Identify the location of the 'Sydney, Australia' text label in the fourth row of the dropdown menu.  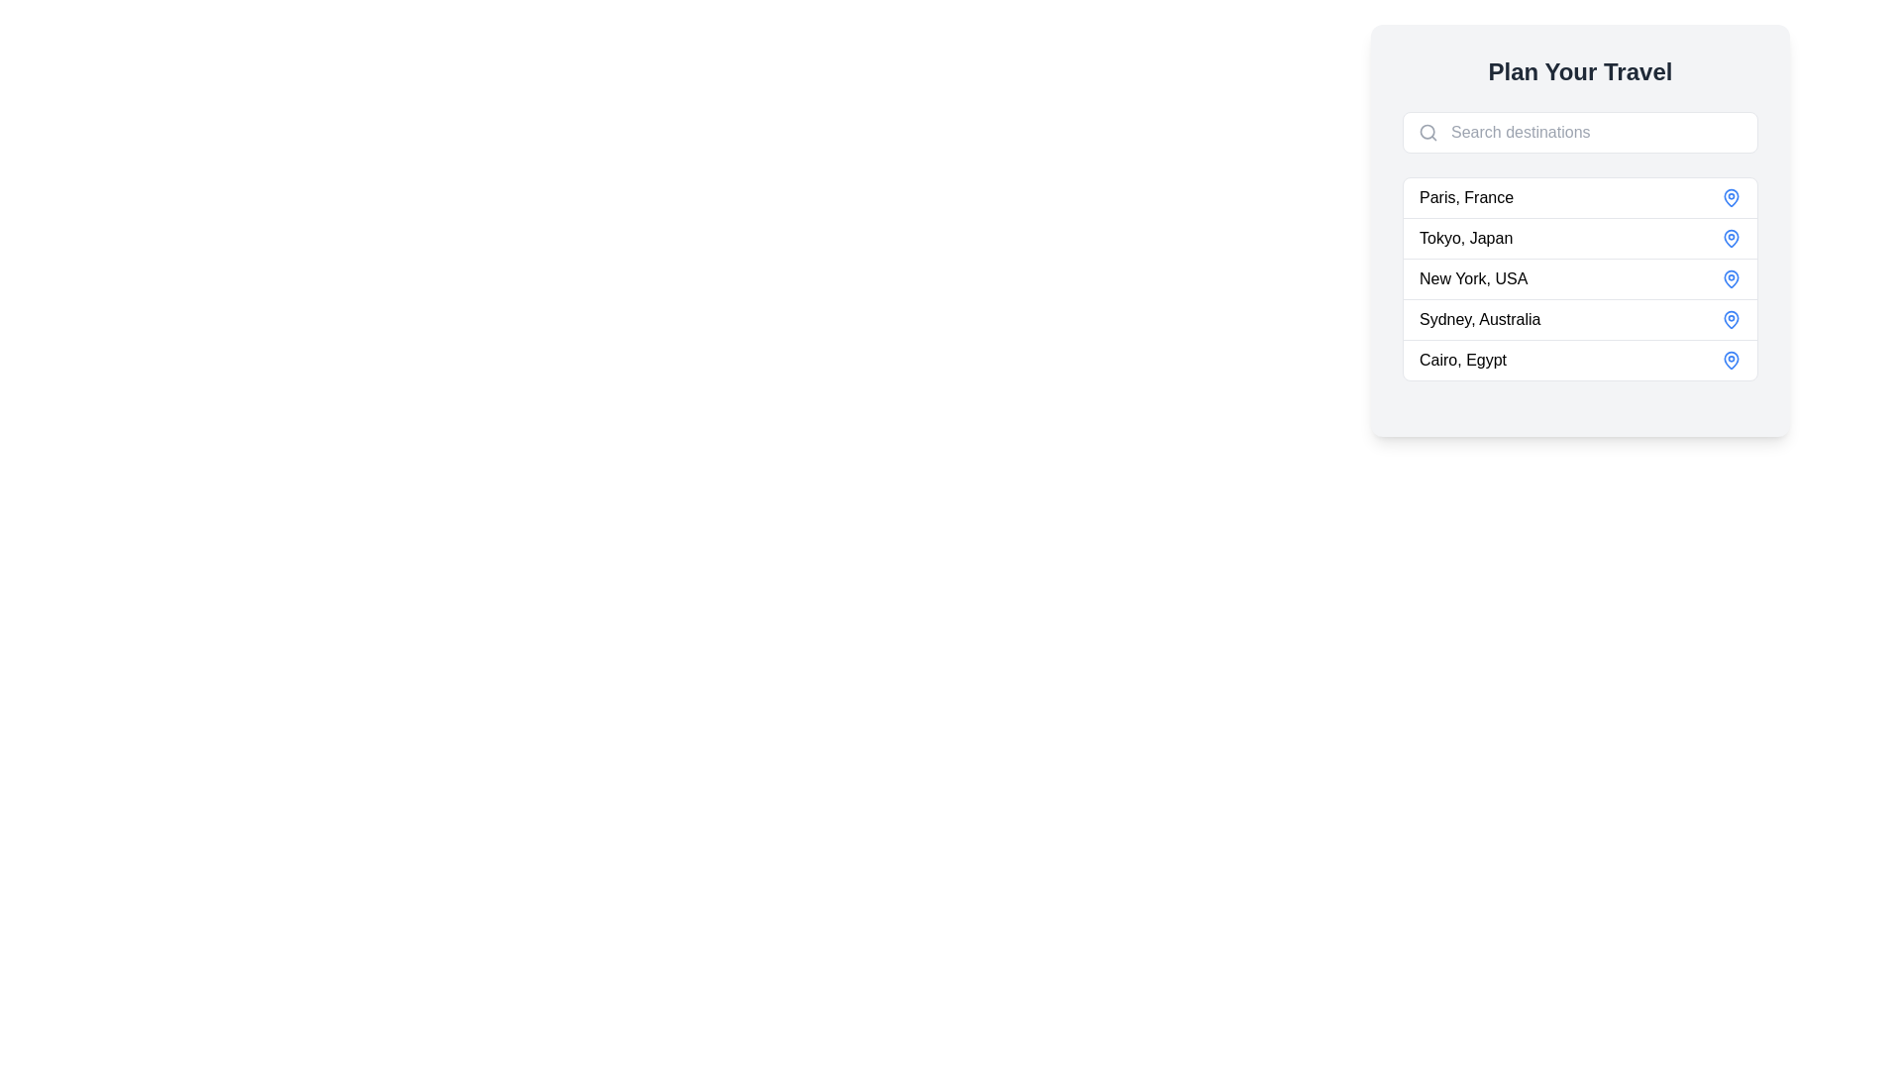
(1479, 319).